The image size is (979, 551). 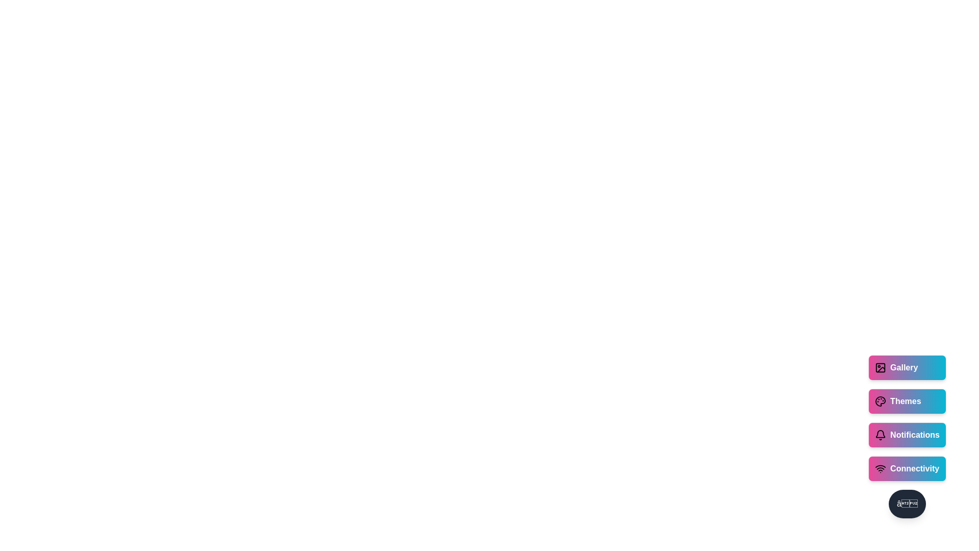 I want to click on outermost arc of the Wi-Fi icon within the 'Connectivity' button on the right side of the interface for information, so click(x=880, y=466).